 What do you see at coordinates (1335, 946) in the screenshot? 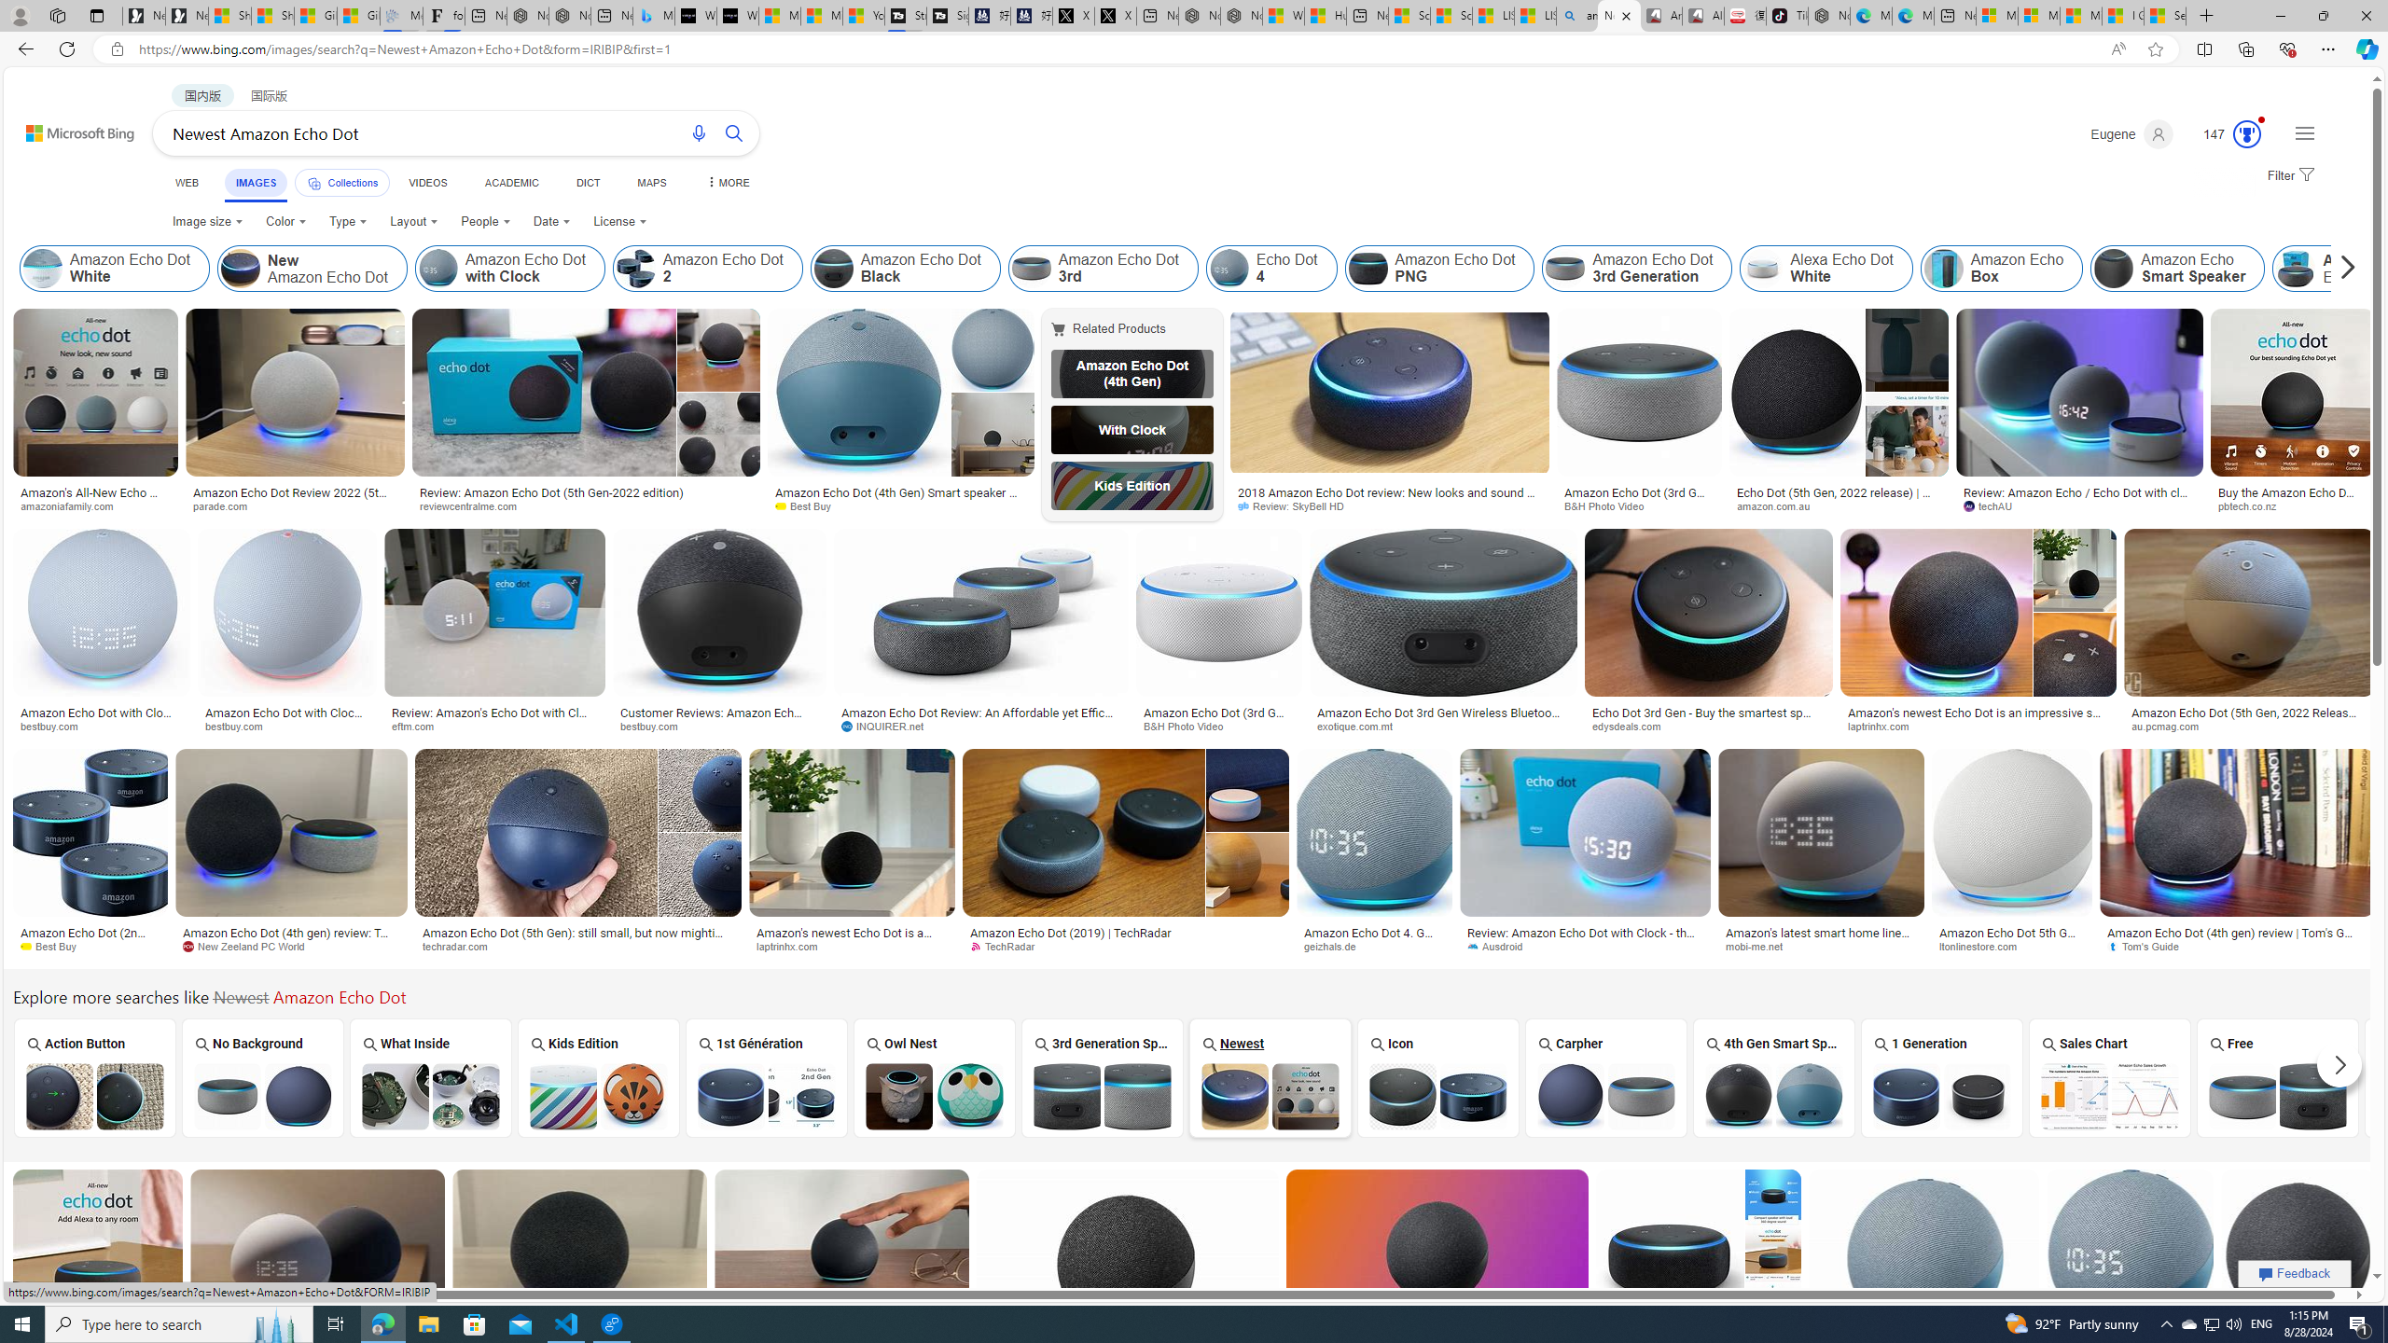
I see `'geizhals.de'` at bounding box center [1335, 946].